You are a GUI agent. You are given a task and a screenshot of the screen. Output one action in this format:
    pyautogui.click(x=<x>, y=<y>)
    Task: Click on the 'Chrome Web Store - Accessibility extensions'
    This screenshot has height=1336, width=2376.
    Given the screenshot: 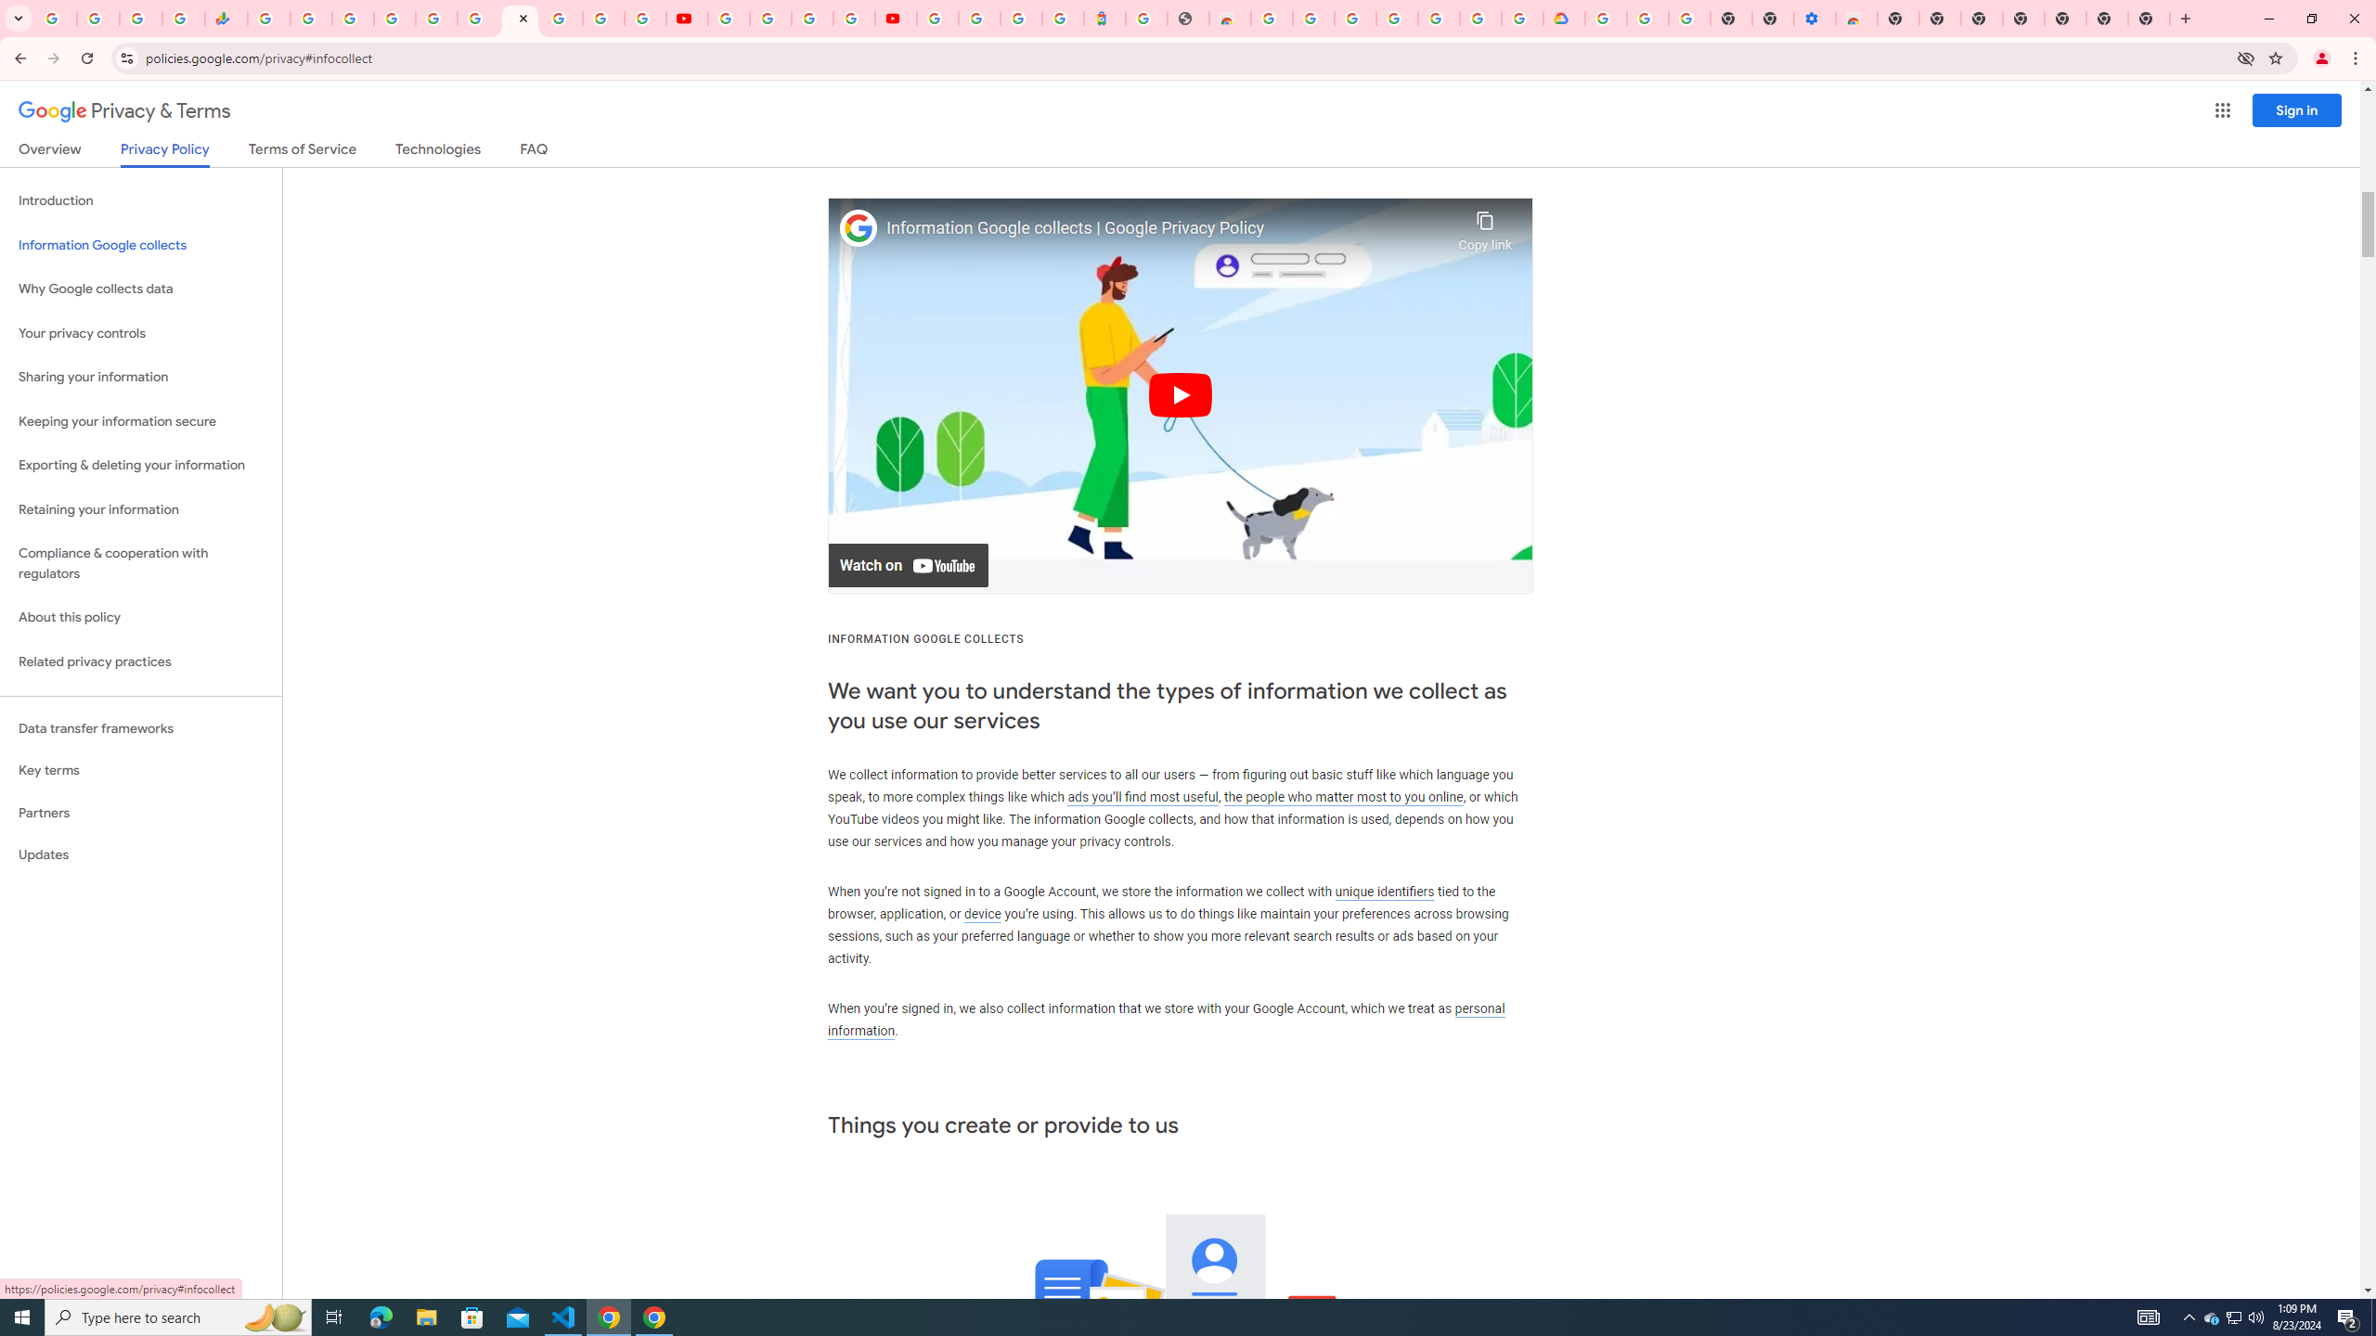 What is the action you would take?
    pyautogui.click(x=1856, y=18)
    